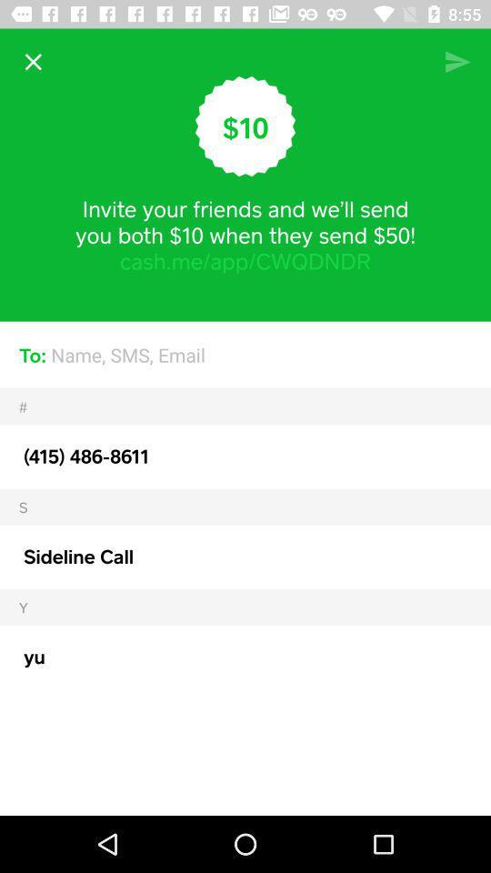 The width and height of the screenshot is (491, 873). What do you see at coordinates (245, 125) in the screenshot?
I see `the 10` at bounding box center [245, 125].